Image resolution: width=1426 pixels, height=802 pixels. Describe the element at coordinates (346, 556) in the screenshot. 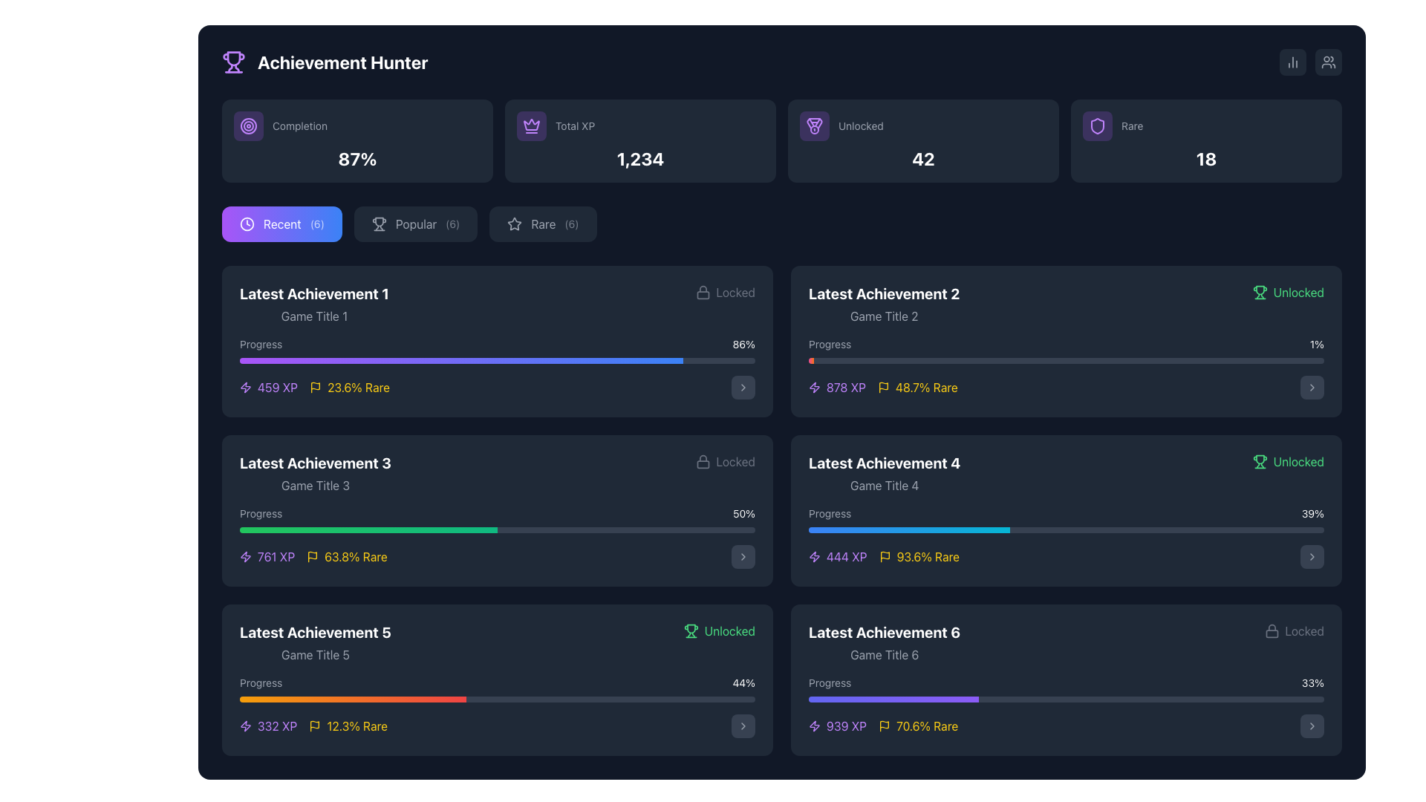

I see `the label displaying '63.8% Rare' with a yellow flag icon, which is styled in yellow and is to the right of '761 XP' in the achievement metrics row` at that location.